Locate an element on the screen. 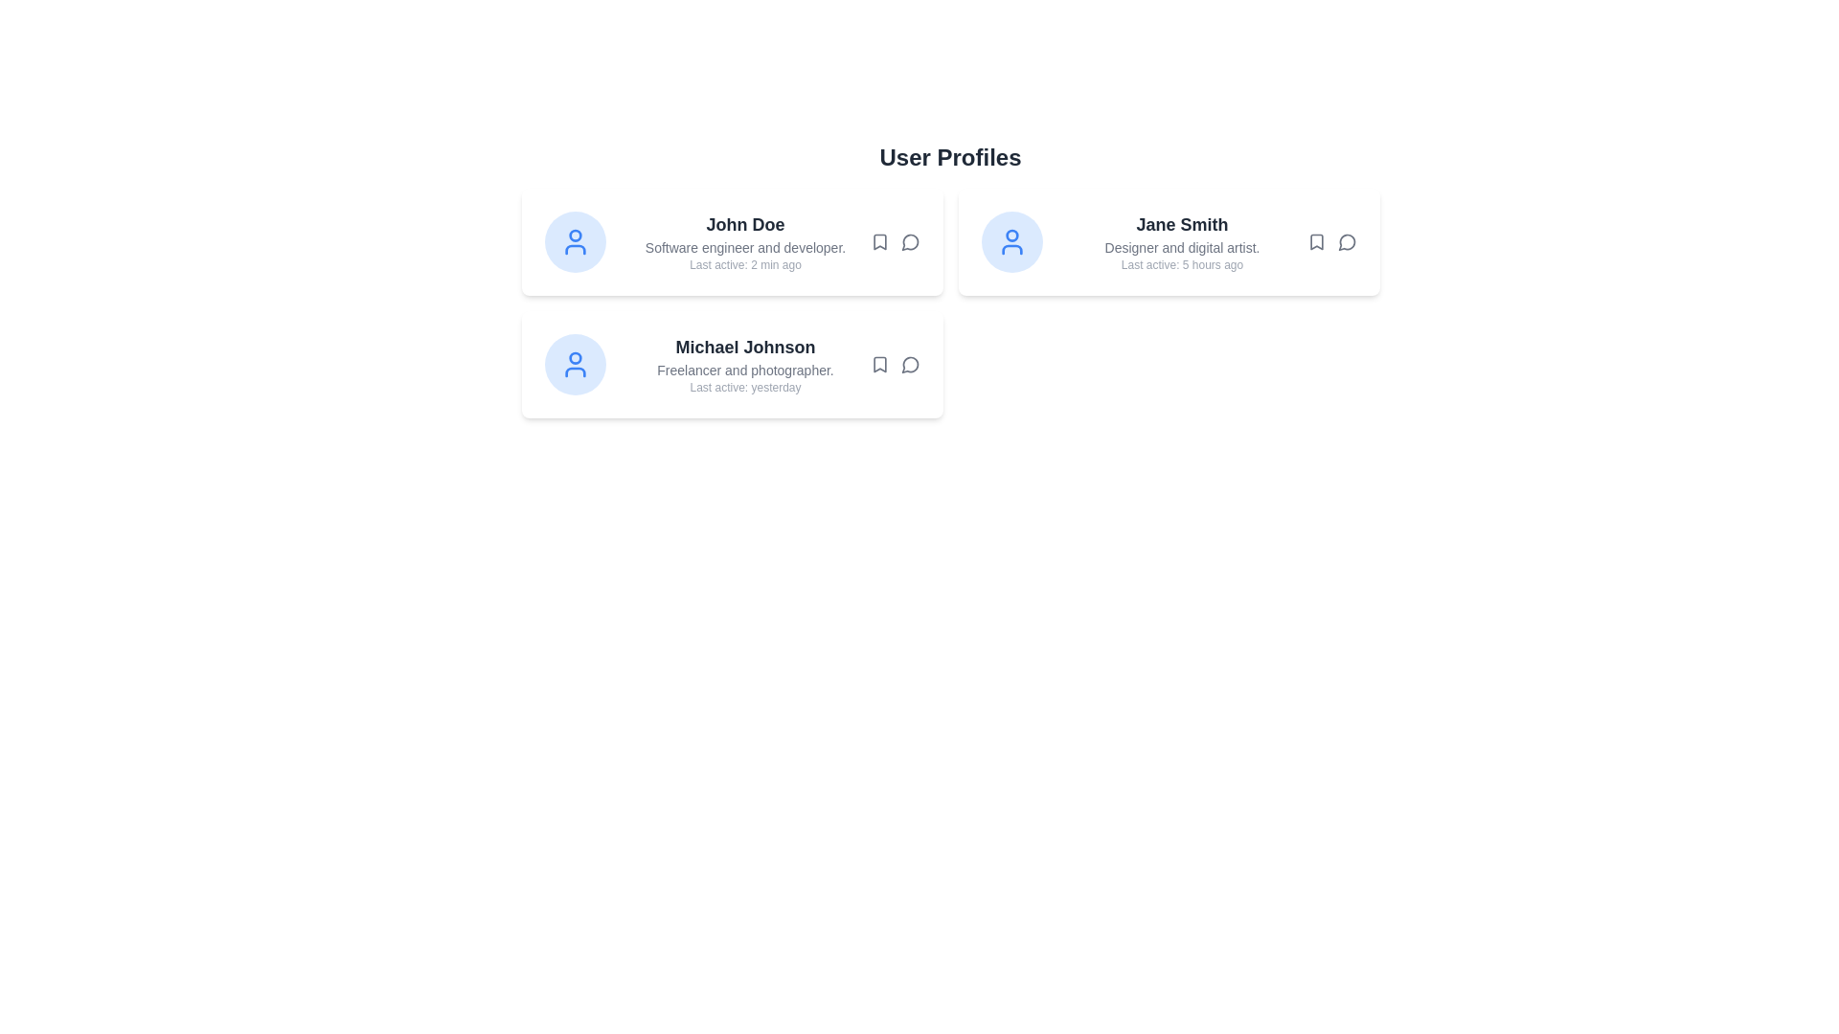 This screenshot has height=1034, width=1839. text content of the paragraph that describes the professional title and description associated with the user 'Jane Smith', located in the profile card in the top-right corner of the page, directly below the heading 'Jane Smith' is located at coordinates (1181, 246).